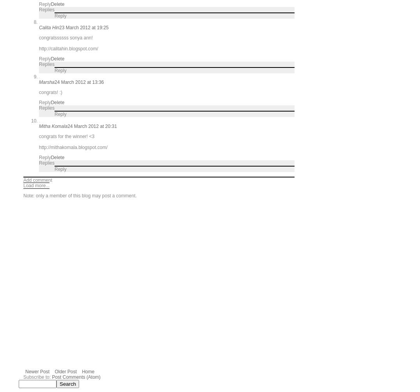 The image size is (420, 392). I want to click on '24 March 2012 at 20:31', so click(92, 126).